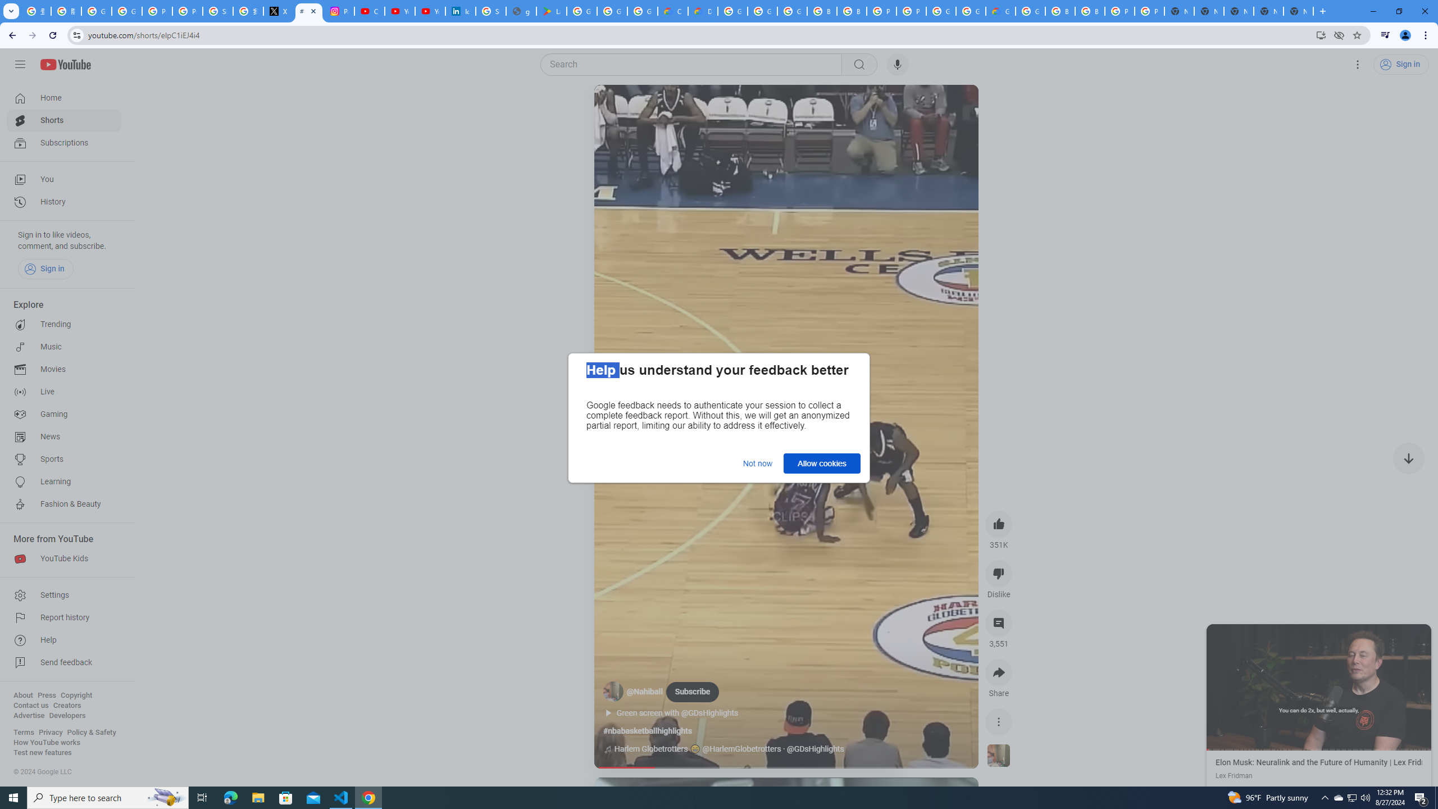 The width and height of the screenshot is (1438, 809). What do you see at coordinates (971, 11) in the screenshot?
I see `'Google Cloud Platform'` at bounding box center [971, 11].